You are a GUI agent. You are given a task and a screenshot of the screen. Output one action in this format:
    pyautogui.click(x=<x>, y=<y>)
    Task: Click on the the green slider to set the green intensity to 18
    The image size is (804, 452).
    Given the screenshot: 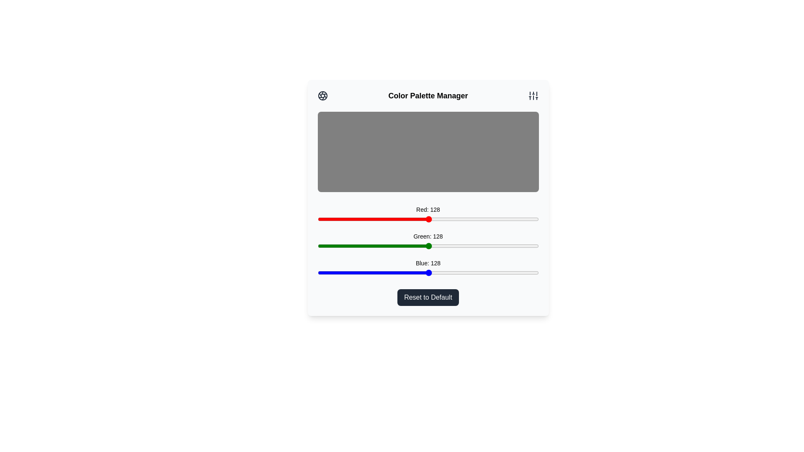 What is the action you would take?
    pyautogui.click(x=332, y=245)
    